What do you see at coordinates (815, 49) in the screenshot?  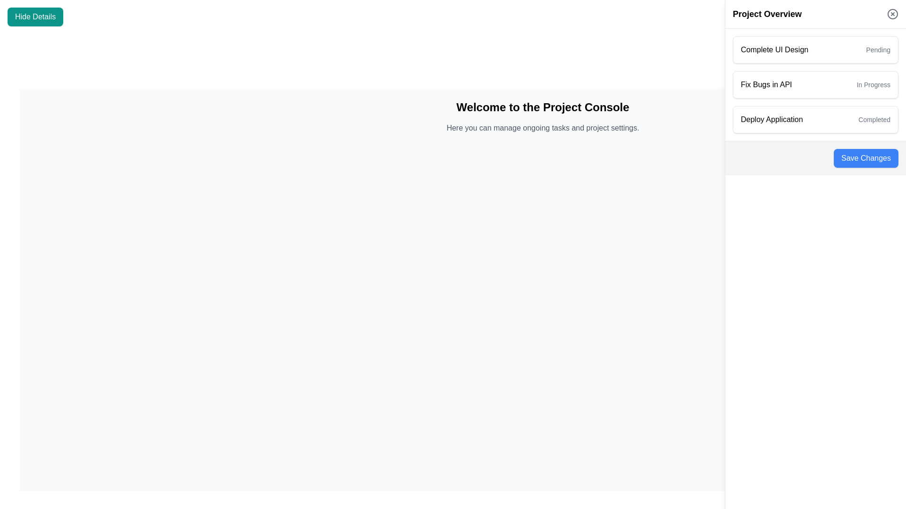 I see `labels on the Informational card titled 'Complete UI Design' with a status of 'Pending', located in the right panel of the interface labeled 'Project Overview'` at bounding box center [815, 49].